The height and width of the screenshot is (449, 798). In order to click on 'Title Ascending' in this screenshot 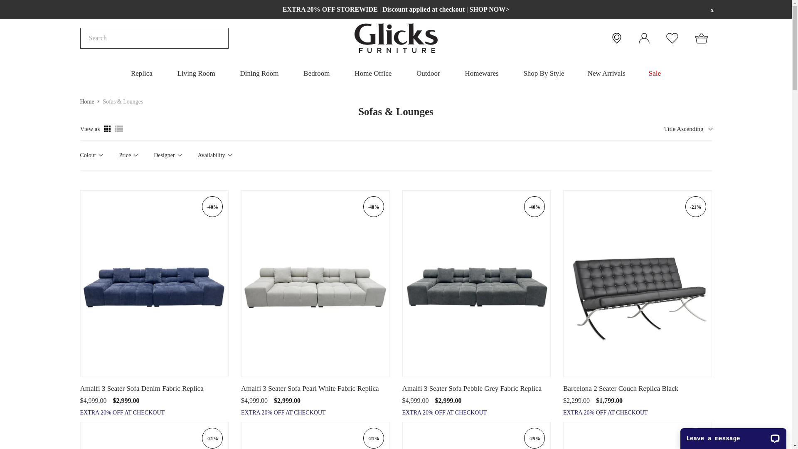, I will do `click(687, 129)`.